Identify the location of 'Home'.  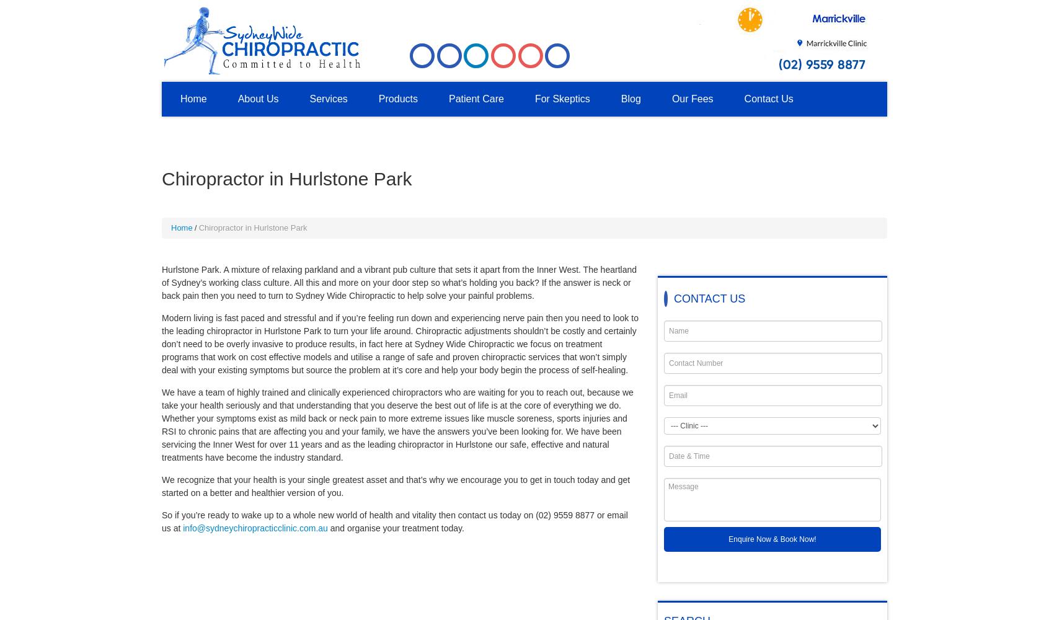
(170, 227).